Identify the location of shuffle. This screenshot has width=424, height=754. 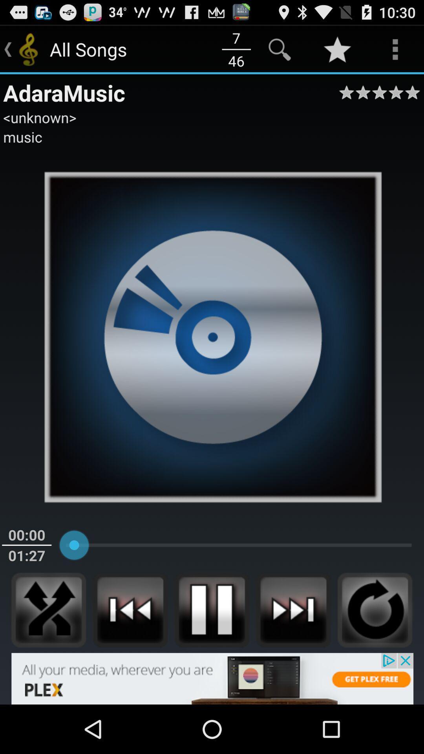
(49, 609).